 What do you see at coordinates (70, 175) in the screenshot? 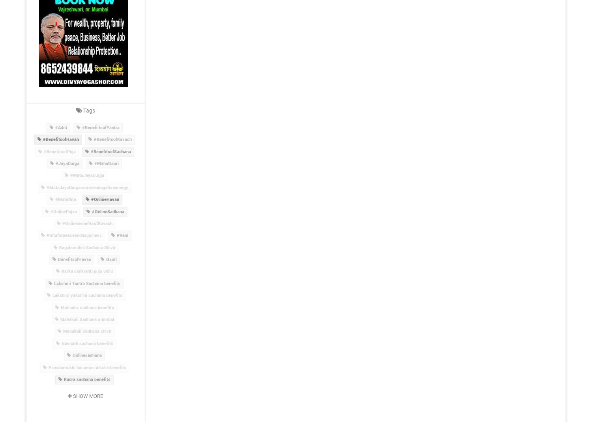
I see `'#MataJayaDurga'` at bounding box center [70, 175].